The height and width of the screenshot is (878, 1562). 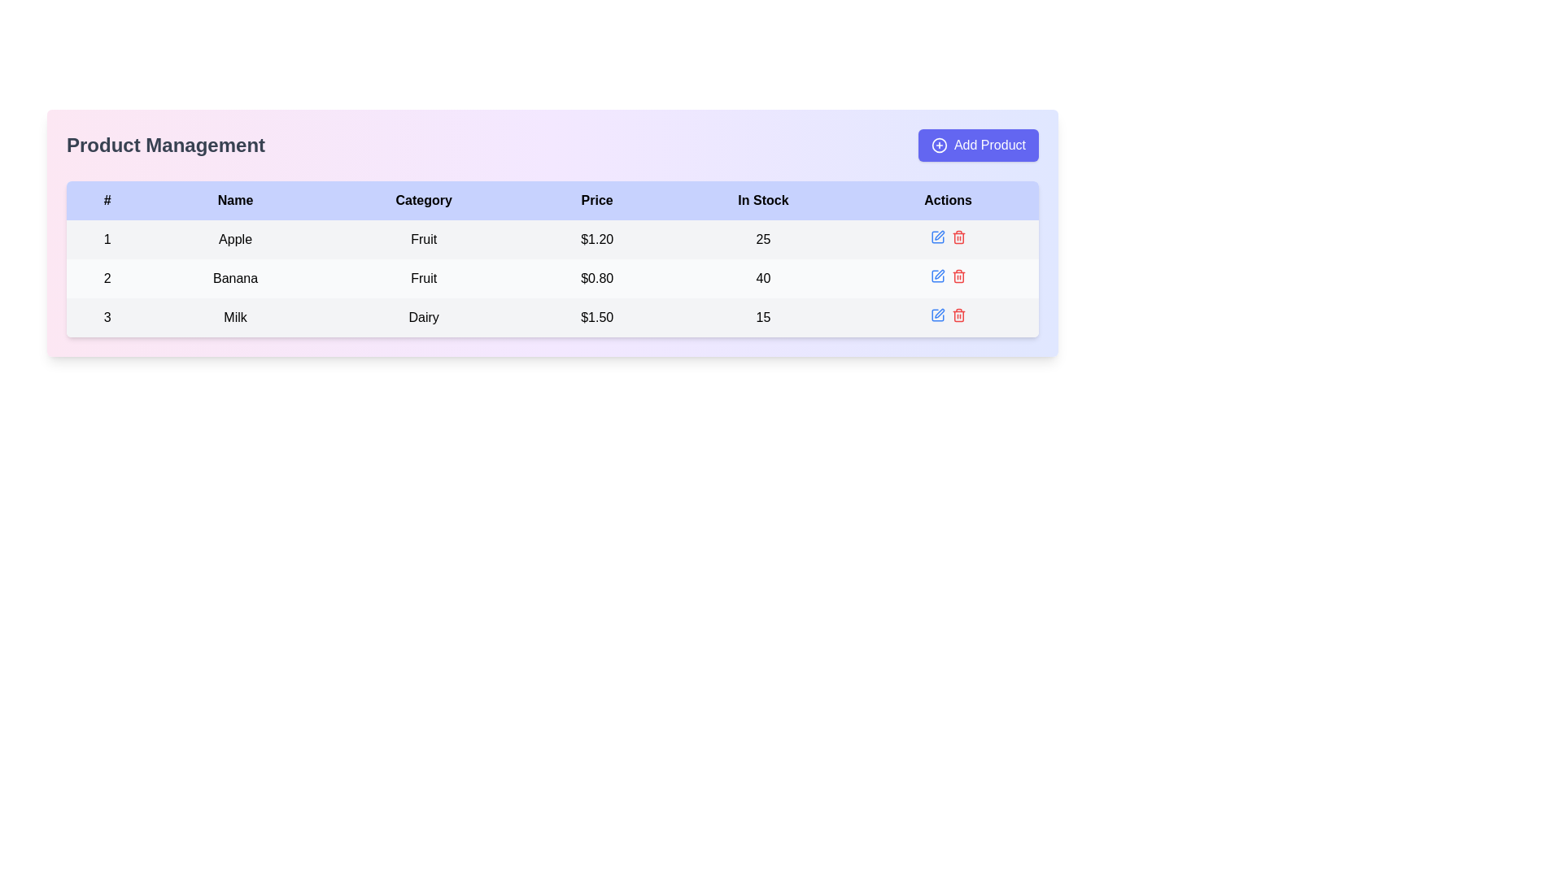 What do you see at coordinates (107, 199) in the screenshot?
I see `the Table Header Cell that indicates row numbering in the first column of the table header` at bounding box center [107, 199].